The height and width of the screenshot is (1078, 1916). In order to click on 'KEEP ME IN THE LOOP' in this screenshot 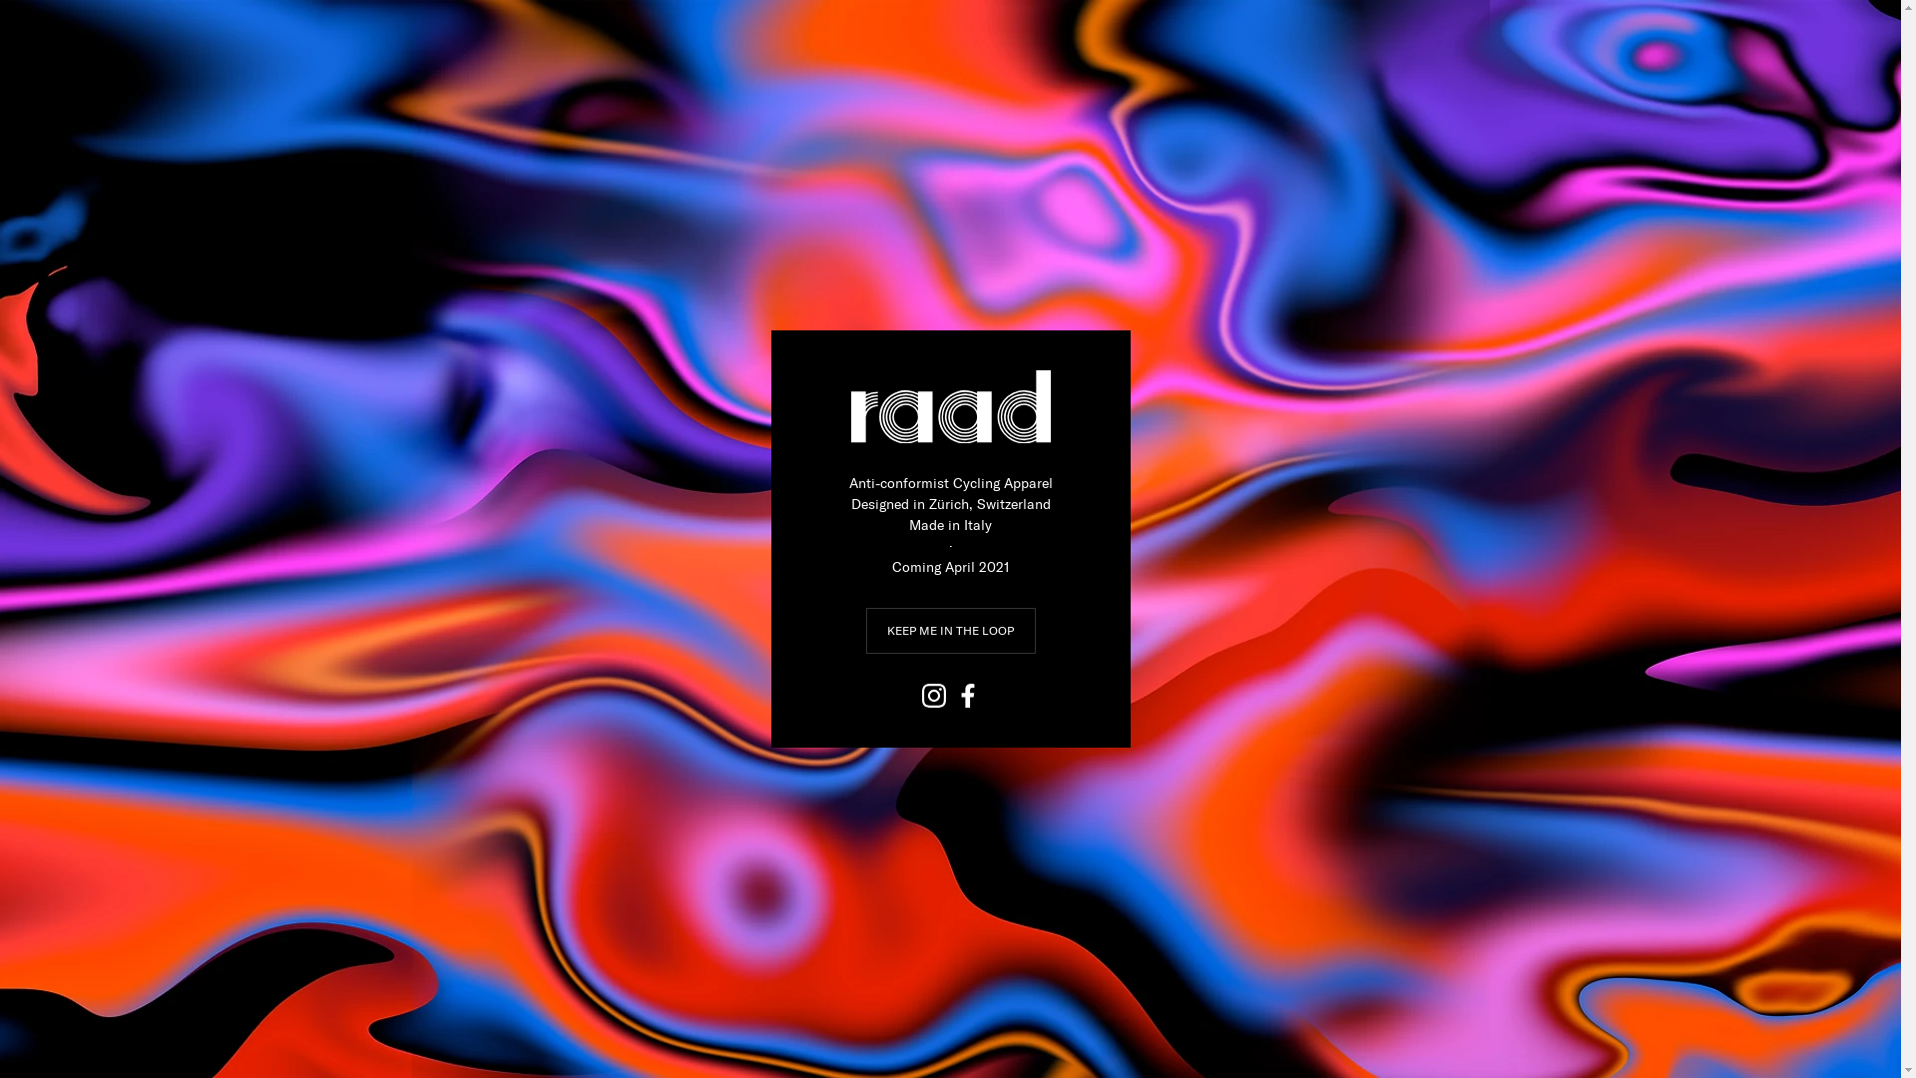, I will do `click(866, 631)`.